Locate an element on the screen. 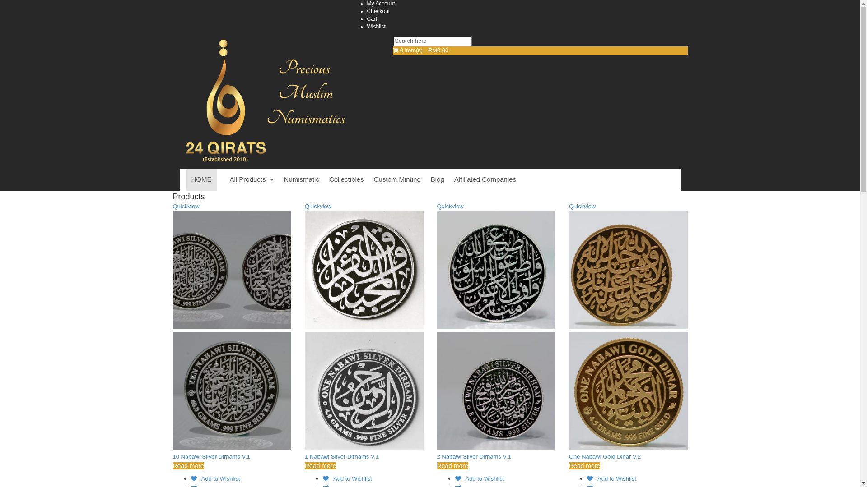 The image size is (867, 487). 'All Products' is located at coordinates (252, 179).